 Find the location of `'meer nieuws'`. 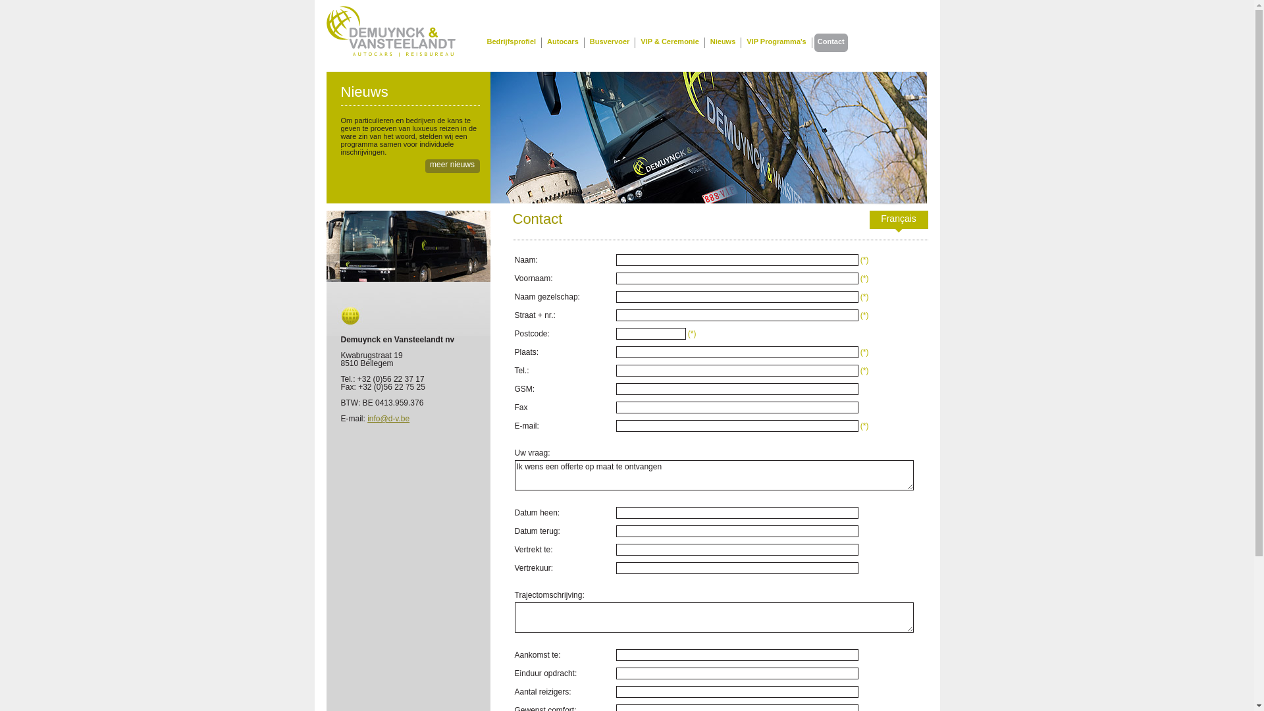

'meer nieuws' is located at coordinates (452, 165).